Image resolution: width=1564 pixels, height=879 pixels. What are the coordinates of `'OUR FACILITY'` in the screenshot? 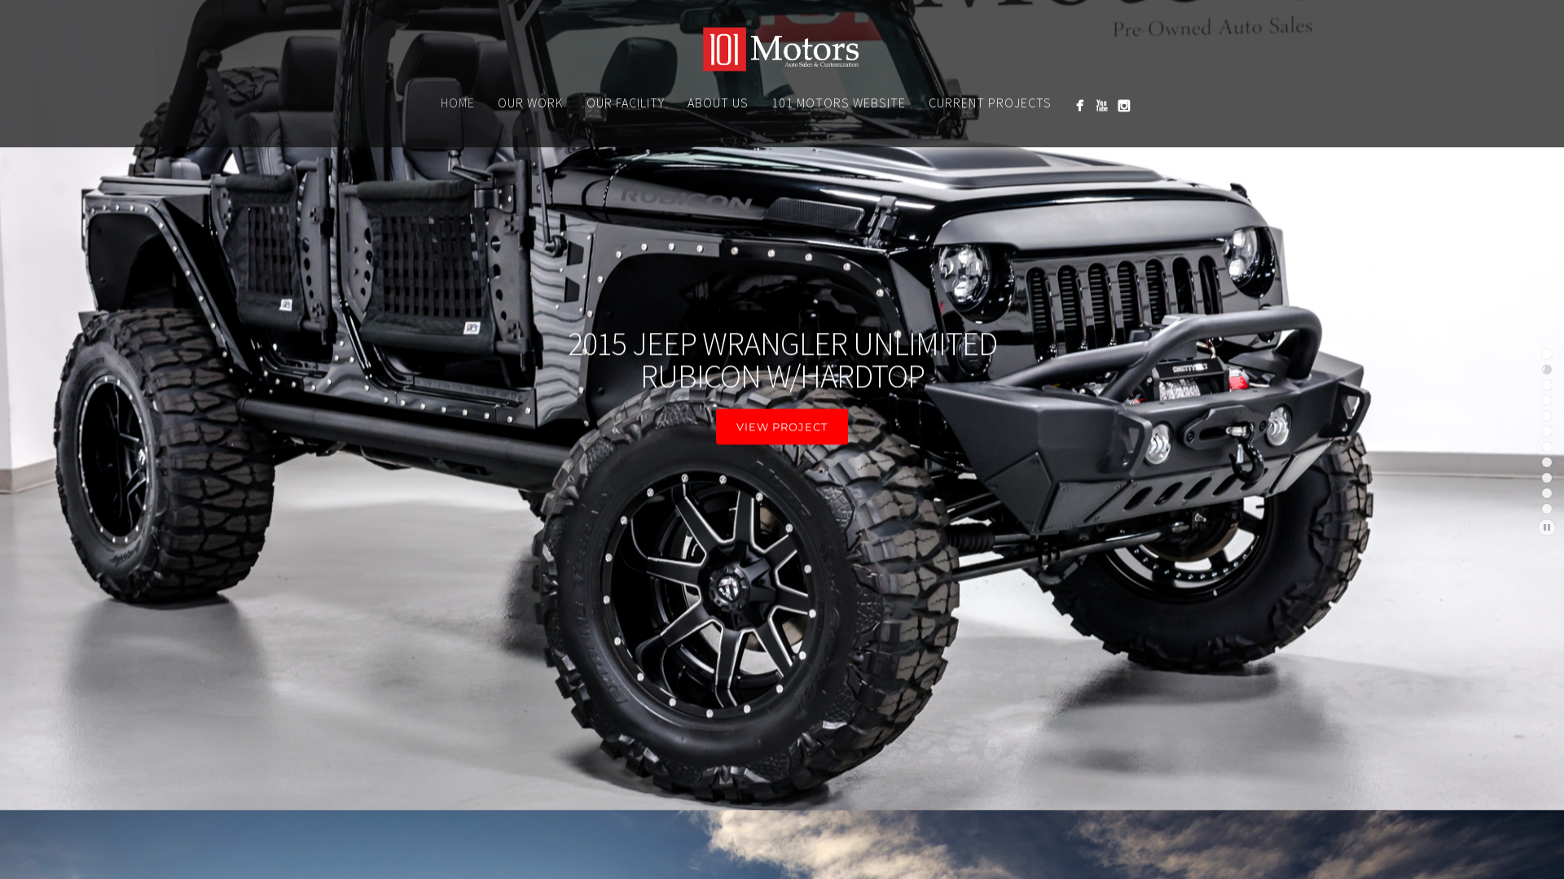 It's located at (574, 103).